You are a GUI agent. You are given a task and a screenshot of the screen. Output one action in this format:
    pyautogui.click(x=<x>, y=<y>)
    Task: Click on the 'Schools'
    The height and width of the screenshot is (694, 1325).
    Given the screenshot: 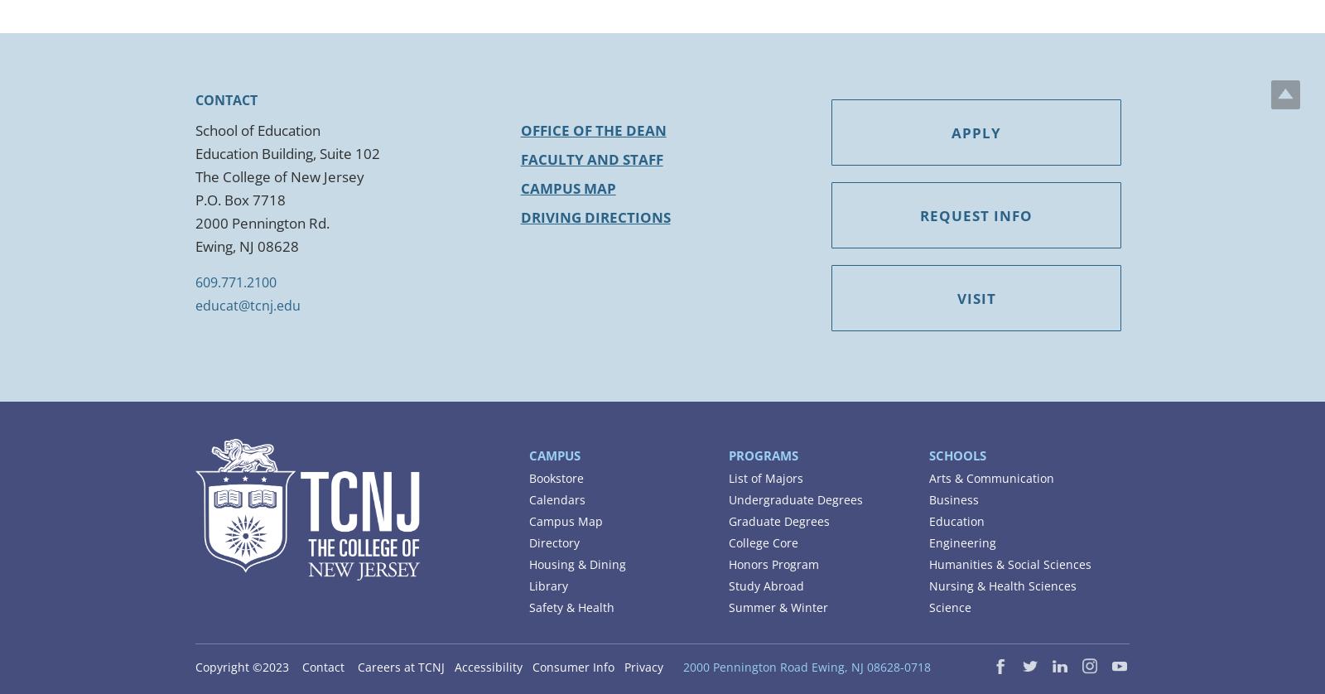 What is the action you would take?
    pyautogui.click(x=956, y=455)
    